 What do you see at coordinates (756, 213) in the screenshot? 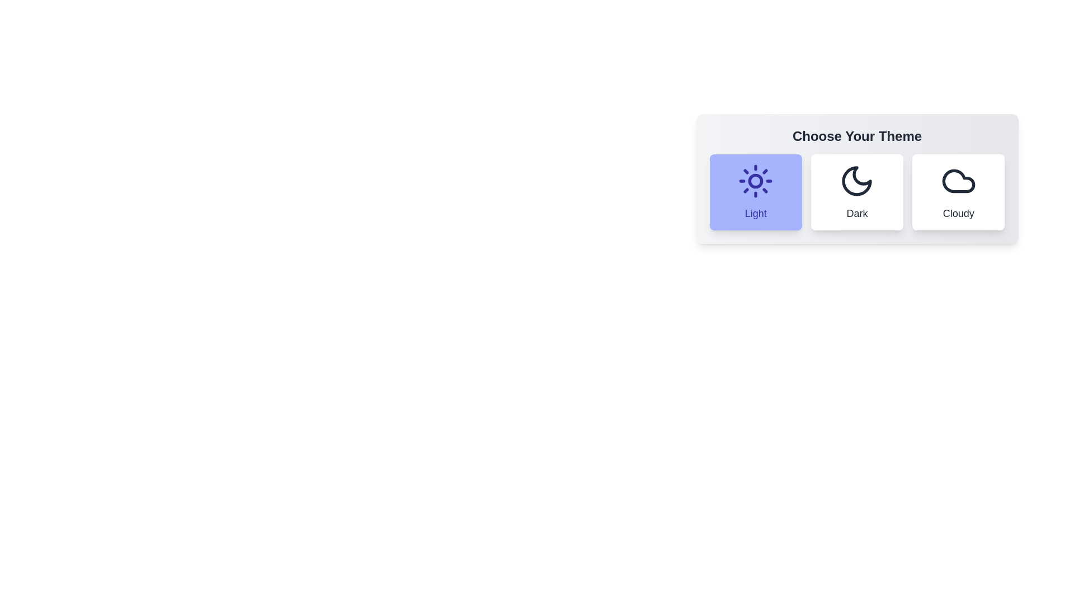
I see `text label displaying 'Light', which is styled with a medium-sized font and located under a sun icon in the themed card for 'Light'` at bounding box center [756, 213].